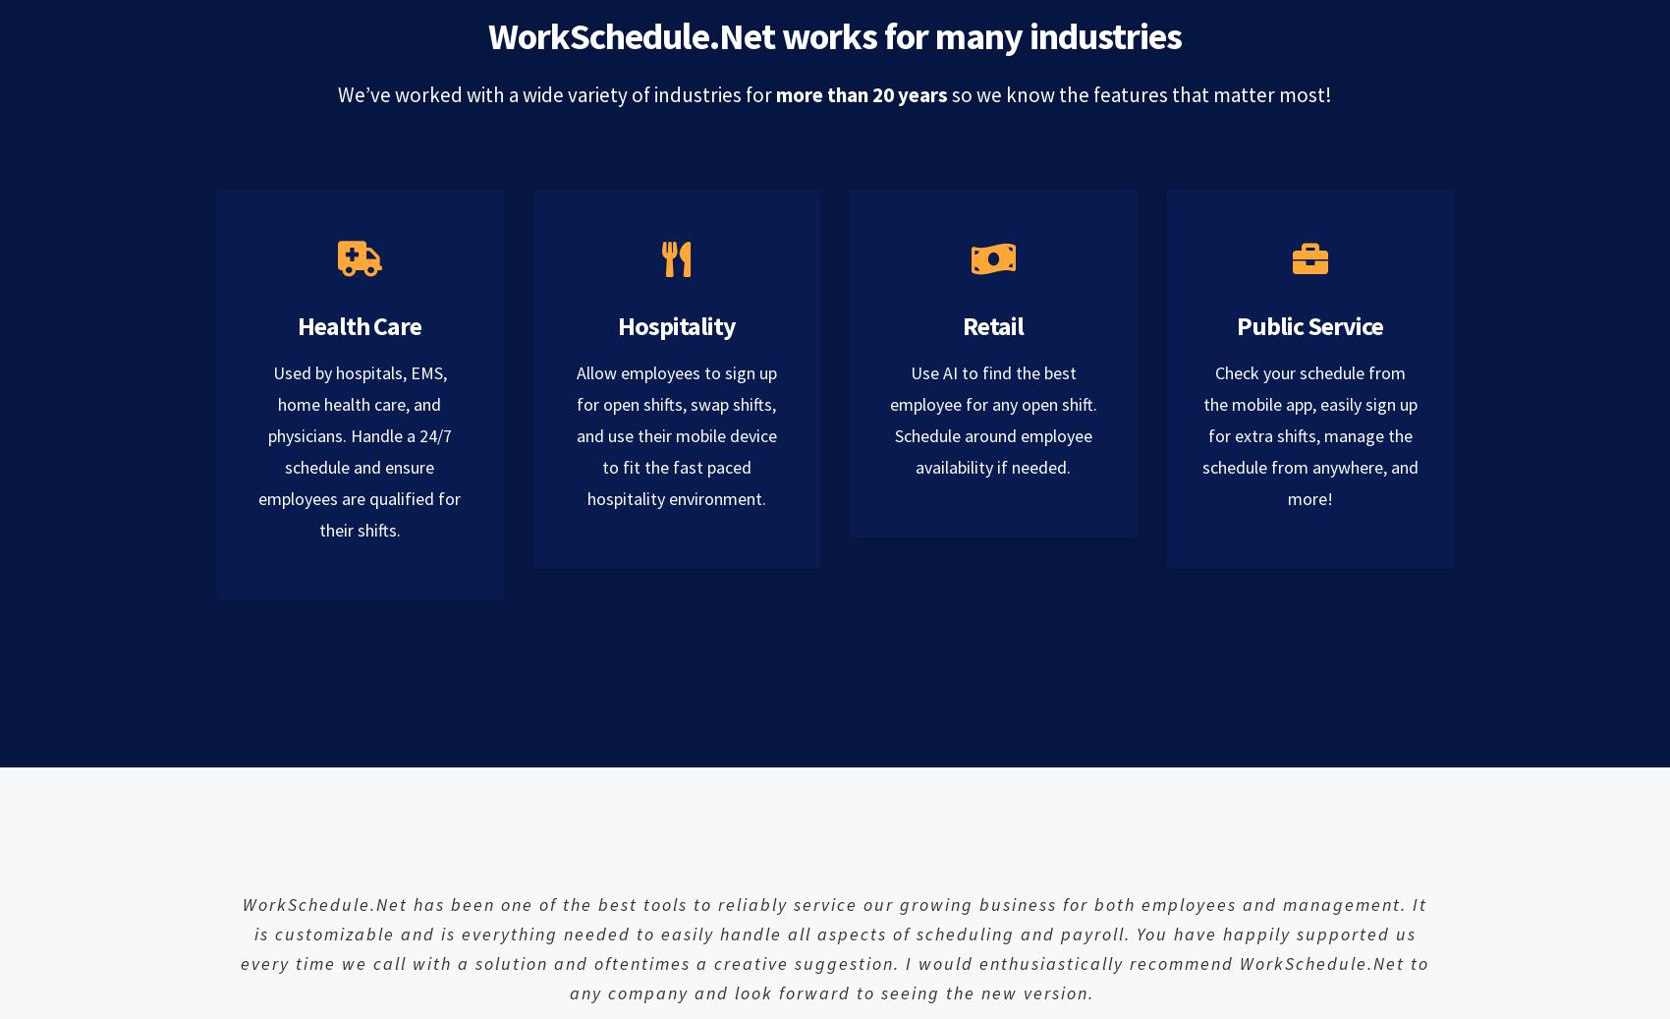 The height and width of the screenshot is (1019, 1670). I want to click on 'We’ve worked with a wide variety of industries for', so click(555, 93).